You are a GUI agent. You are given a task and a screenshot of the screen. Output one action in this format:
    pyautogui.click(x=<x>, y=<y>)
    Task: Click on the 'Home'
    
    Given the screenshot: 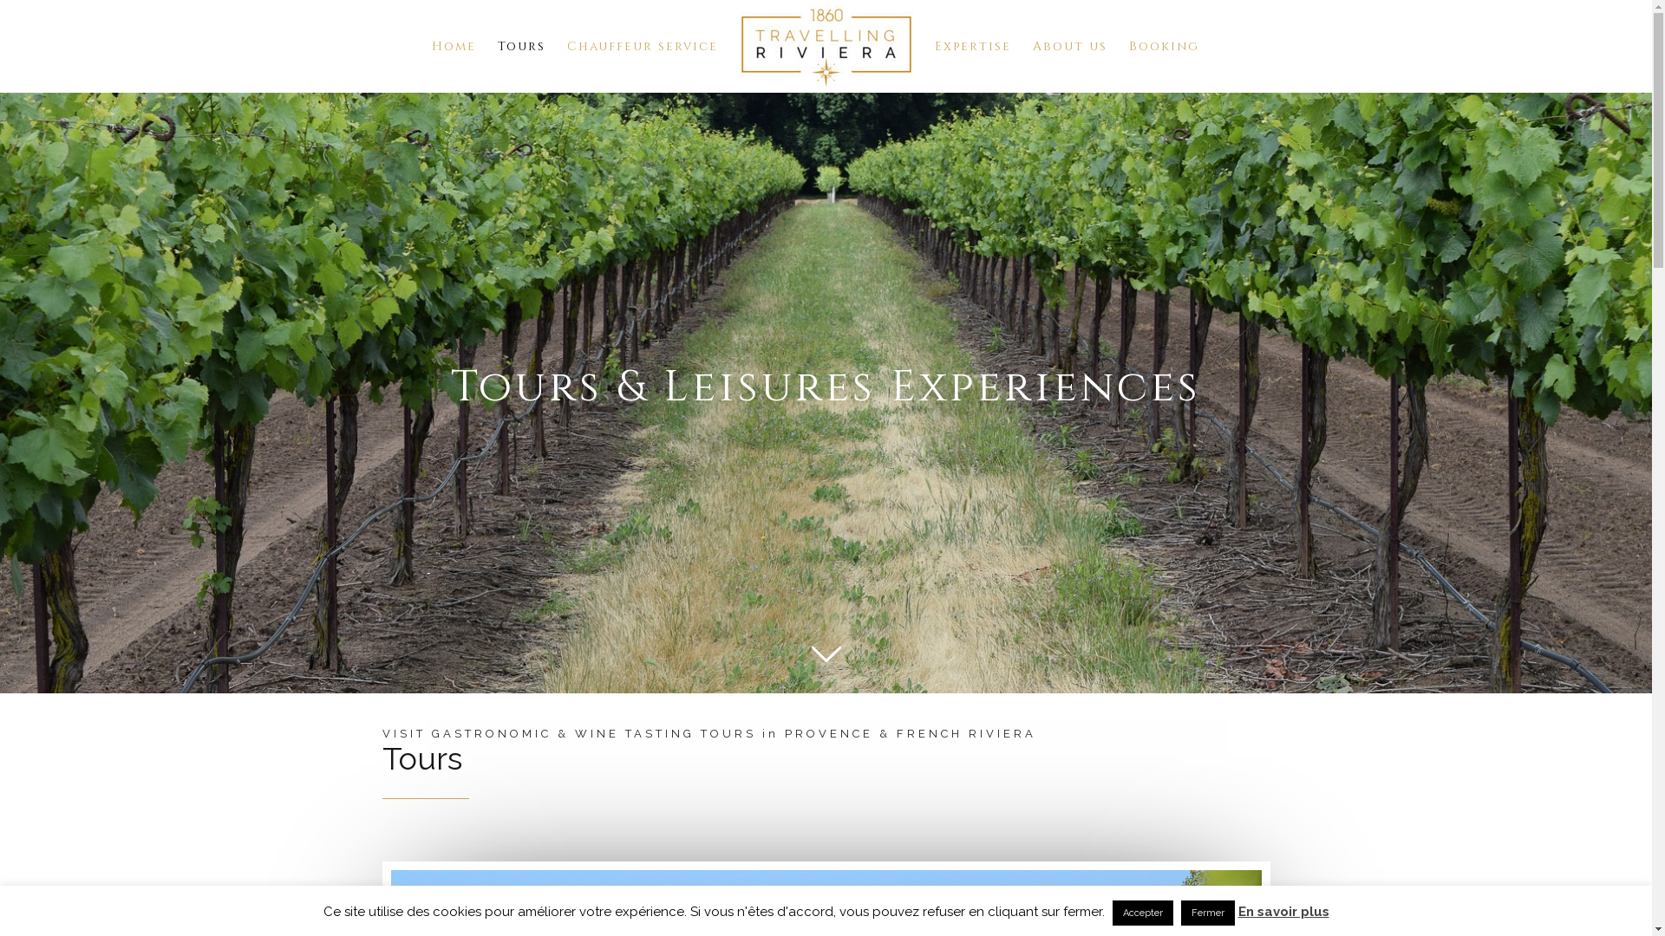 What is the action you would take?
    pyautogui.click(x=454, y=46)
    